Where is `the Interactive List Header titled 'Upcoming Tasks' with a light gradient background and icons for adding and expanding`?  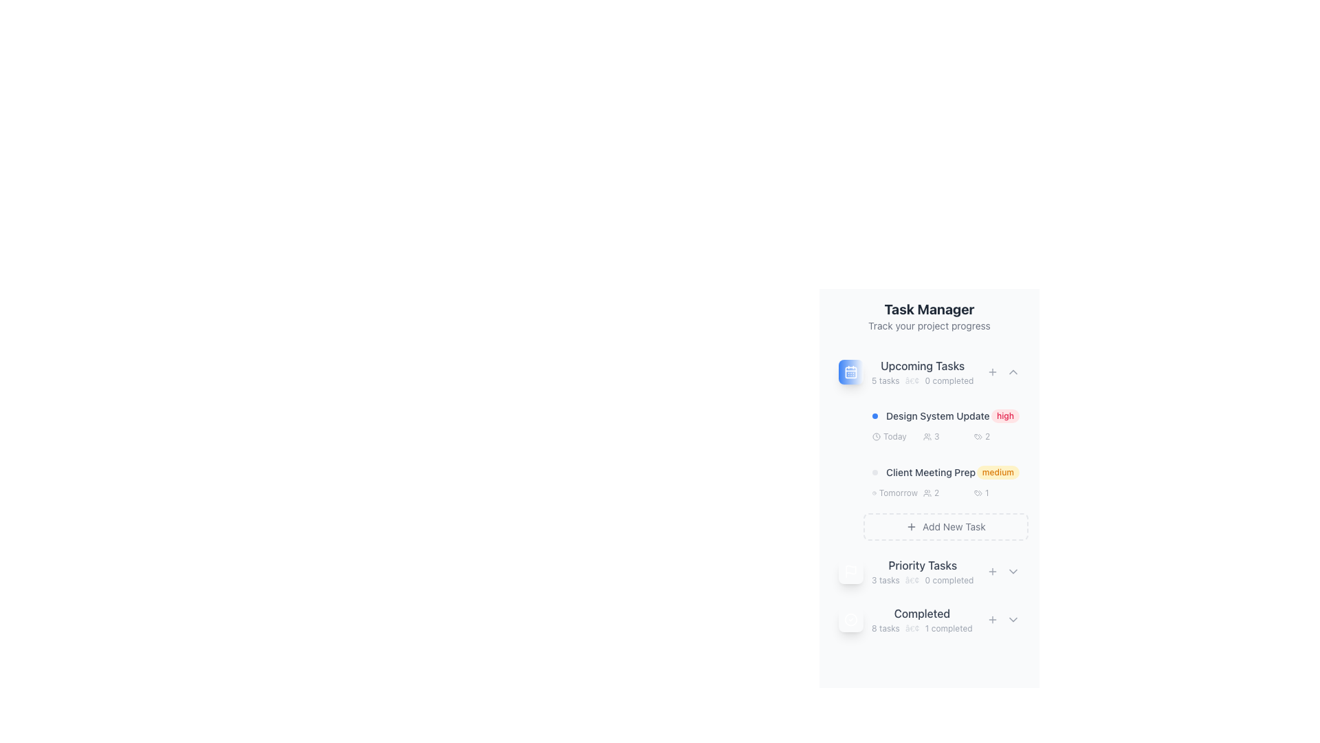
the Interactive List Header titled 'Upcoming Tasks' with a light gradient background and icons for adding and expanding is located at coordinates (929, 371).